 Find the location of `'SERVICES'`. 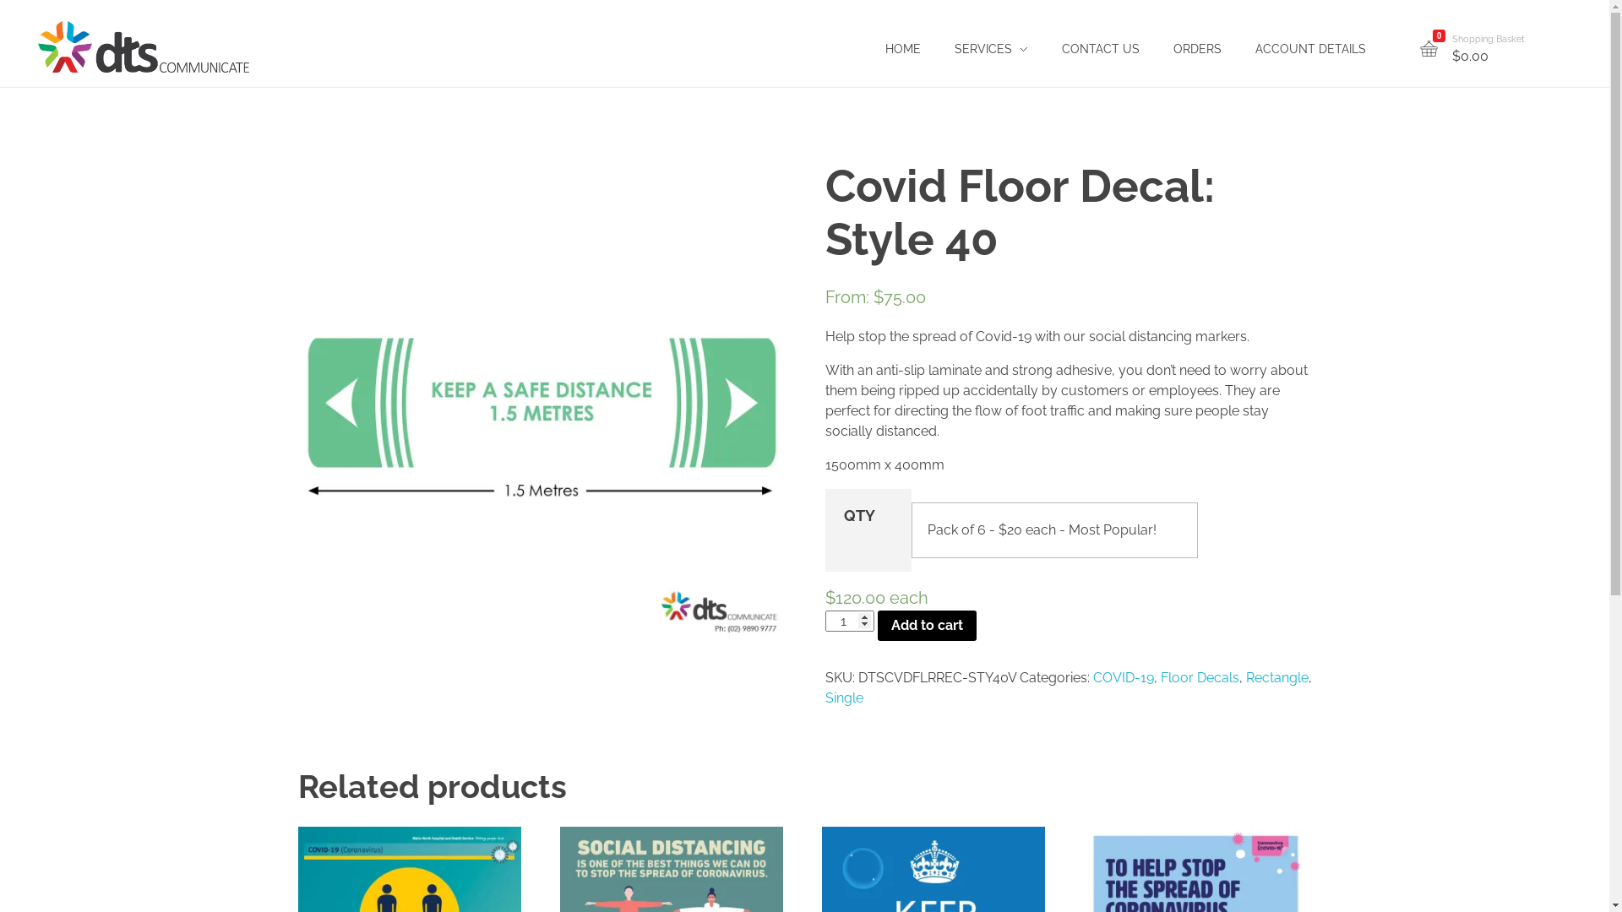

'SERVICES' is located at coordinates (991, 48).